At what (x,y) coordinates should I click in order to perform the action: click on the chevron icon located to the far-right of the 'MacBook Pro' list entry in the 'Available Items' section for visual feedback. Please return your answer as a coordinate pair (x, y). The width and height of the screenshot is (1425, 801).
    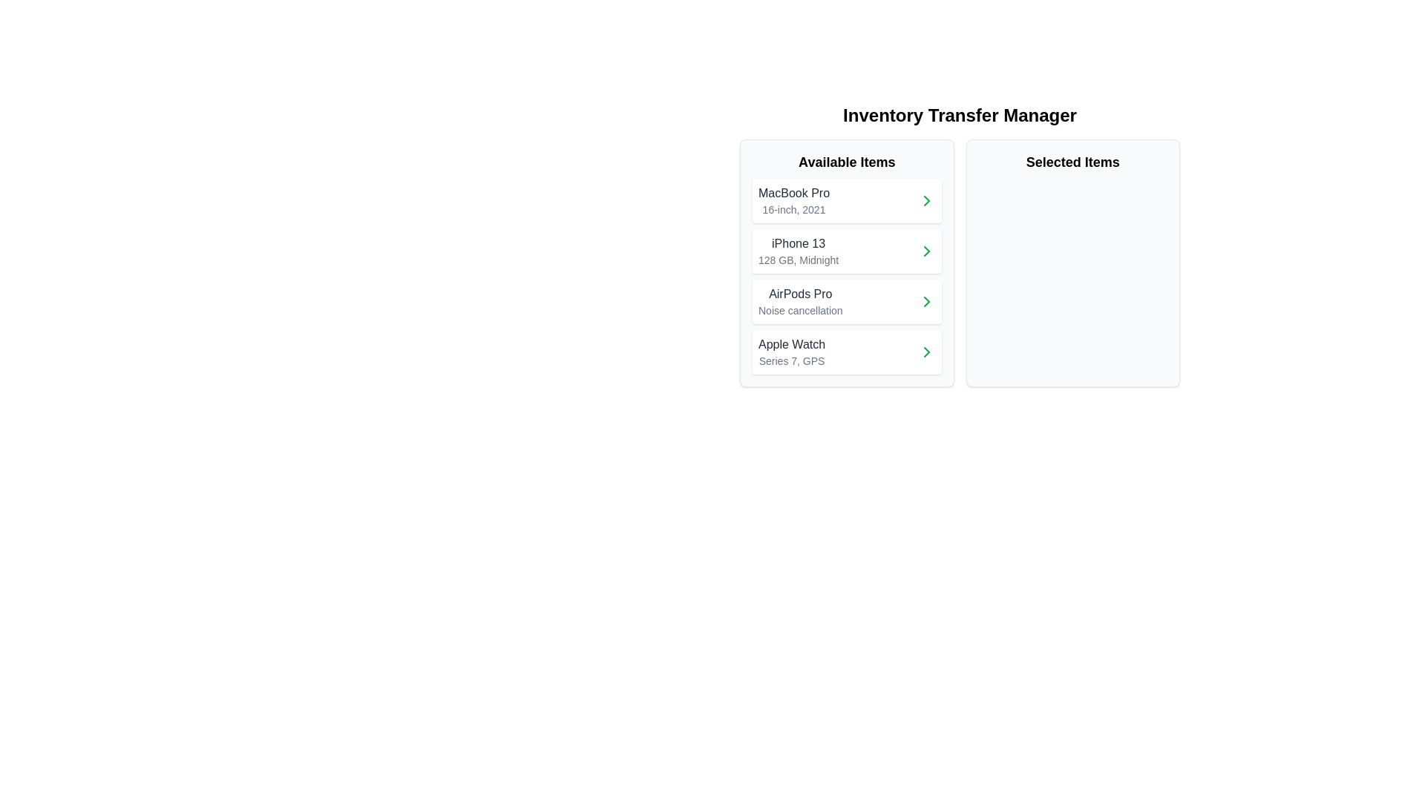
    Looking at the image, I should click on (926, 200).